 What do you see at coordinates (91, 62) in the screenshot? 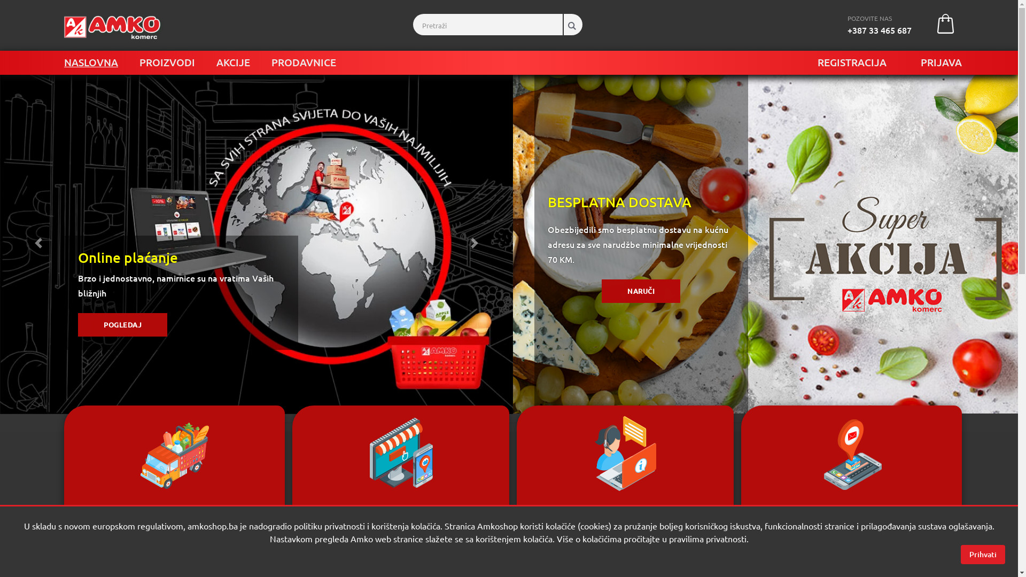
I see `'NASLOVNA'` at bounding box center [91, 62].